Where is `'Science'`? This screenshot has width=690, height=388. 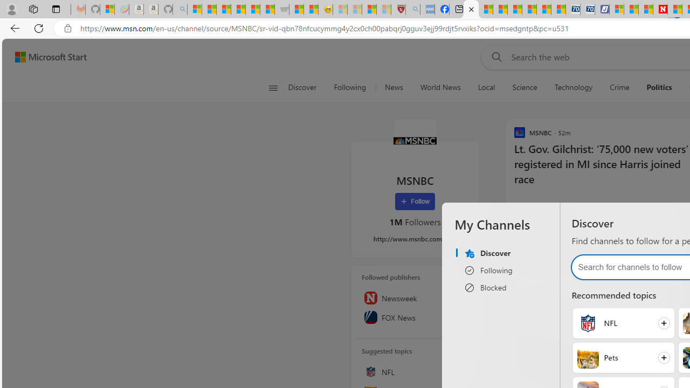
'Science' is located at coordinates (525, 87).